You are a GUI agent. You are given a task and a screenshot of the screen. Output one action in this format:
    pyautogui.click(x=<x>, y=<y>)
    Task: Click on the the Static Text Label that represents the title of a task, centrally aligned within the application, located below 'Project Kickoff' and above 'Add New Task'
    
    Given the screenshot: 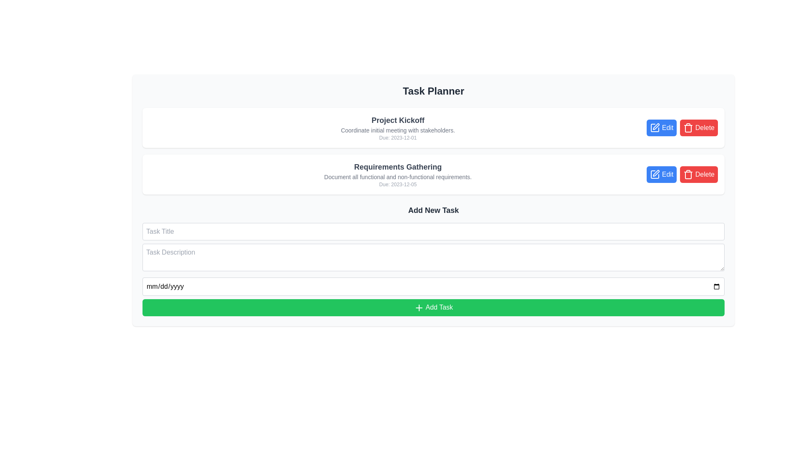 What is the action you would take?
    pyautogui.click(x=397, y=167)
    